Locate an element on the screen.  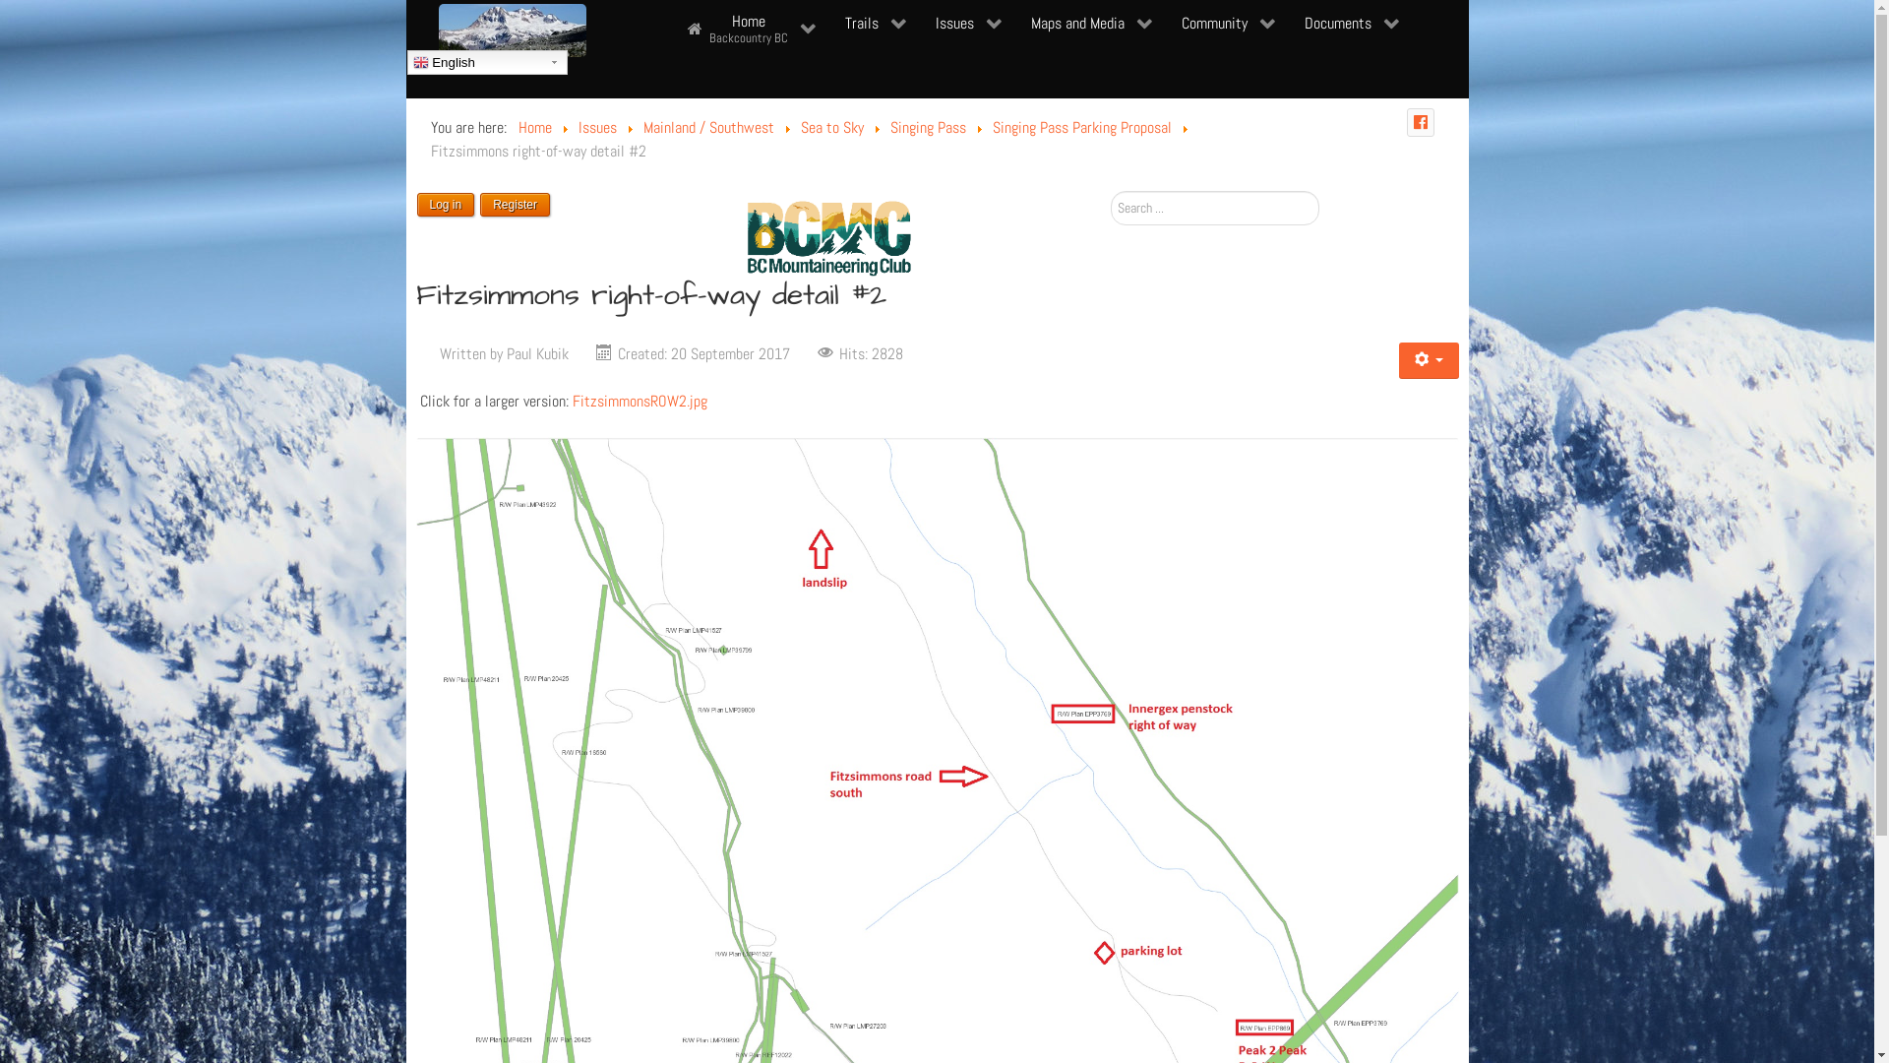
'English' is located at coordinates (487, 61).